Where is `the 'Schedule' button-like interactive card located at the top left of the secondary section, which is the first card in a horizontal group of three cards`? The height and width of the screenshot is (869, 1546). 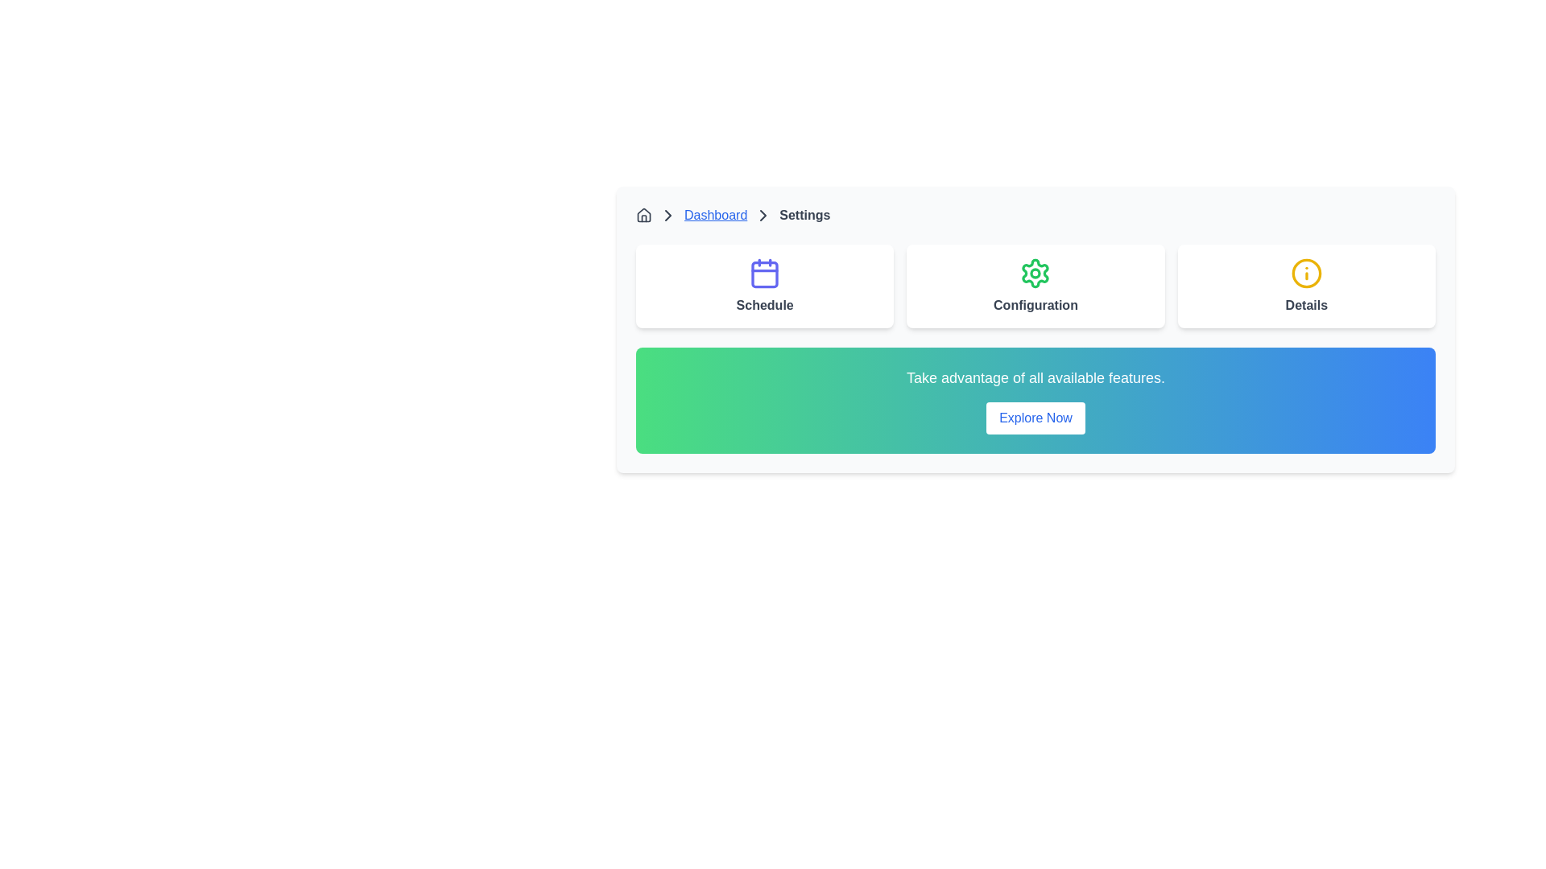 the 'Schedule' button-like interactive card located at the top left of the secondary section, which is the first card in a horizontal group of three cards is located at coordinates (764, 285).